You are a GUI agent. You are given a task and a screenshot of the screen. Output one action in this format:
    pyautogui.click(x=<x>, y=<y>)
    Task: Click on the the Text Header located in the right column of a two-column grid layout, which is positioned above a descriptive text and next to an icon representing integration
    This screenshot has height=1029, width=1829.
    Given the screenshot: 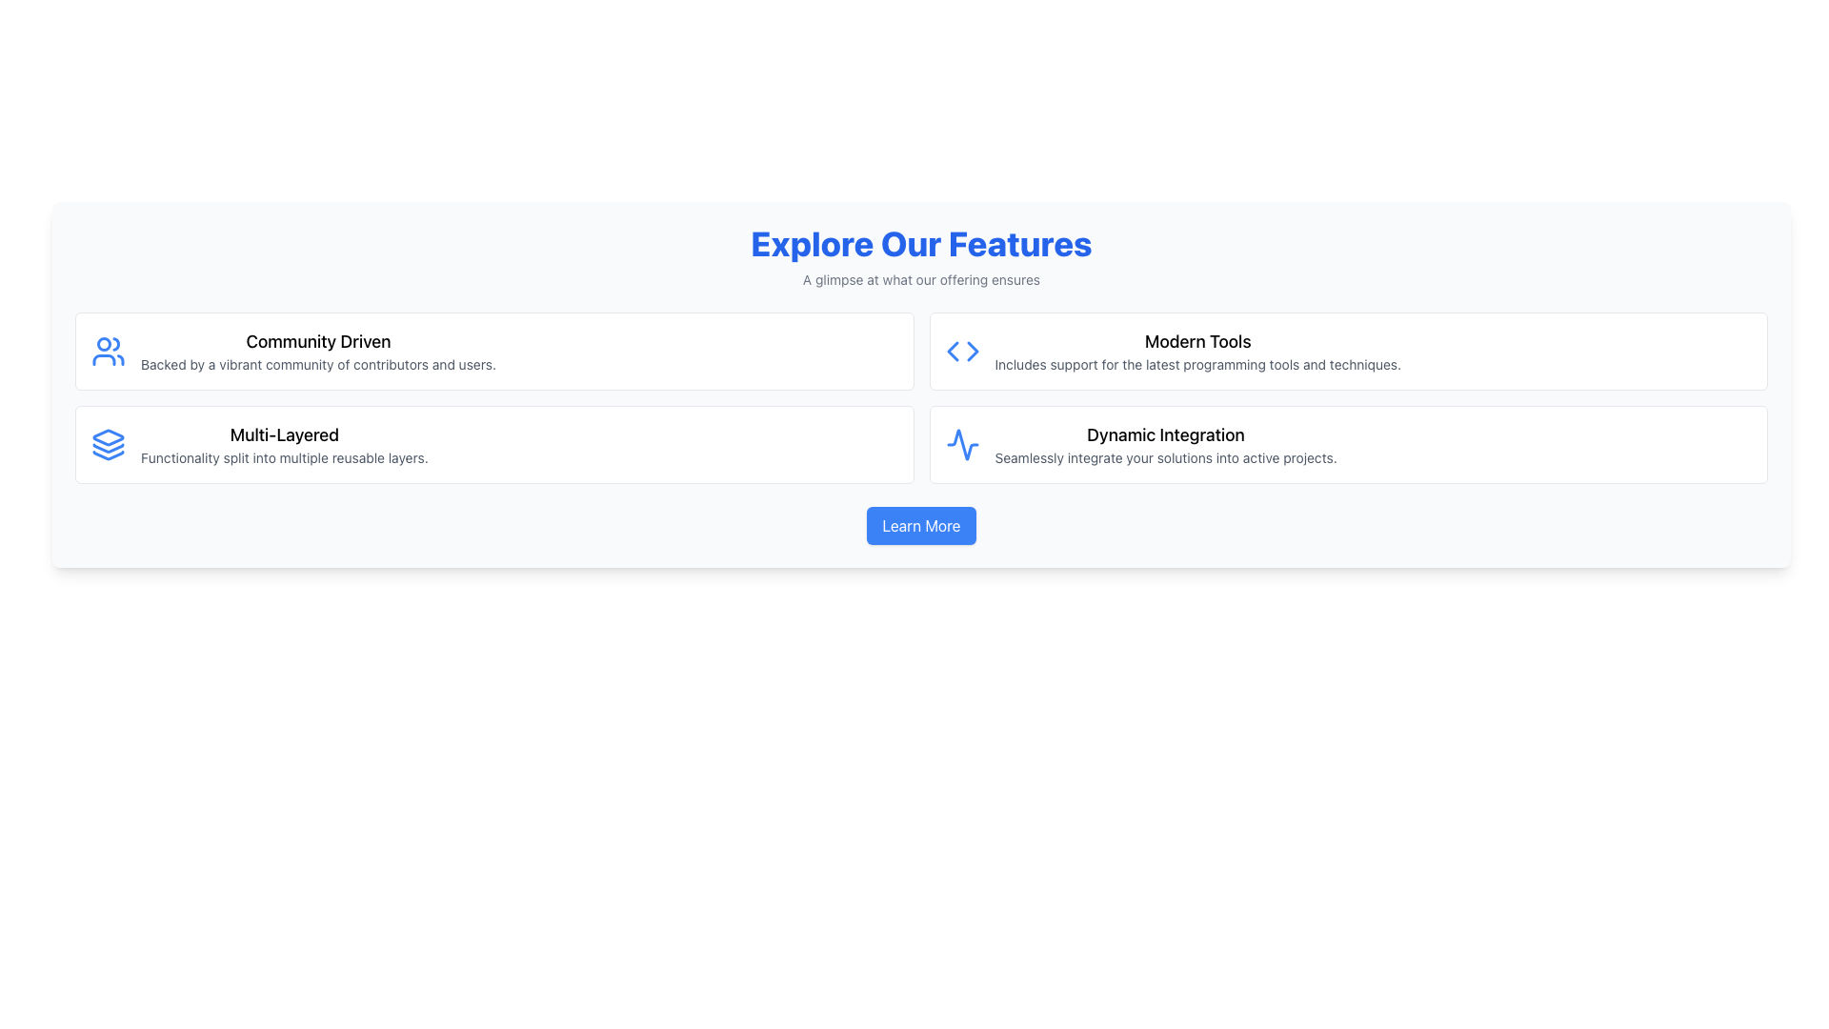 What is the action you would take?
    pyautogui.click(x=1165, y=434)
    